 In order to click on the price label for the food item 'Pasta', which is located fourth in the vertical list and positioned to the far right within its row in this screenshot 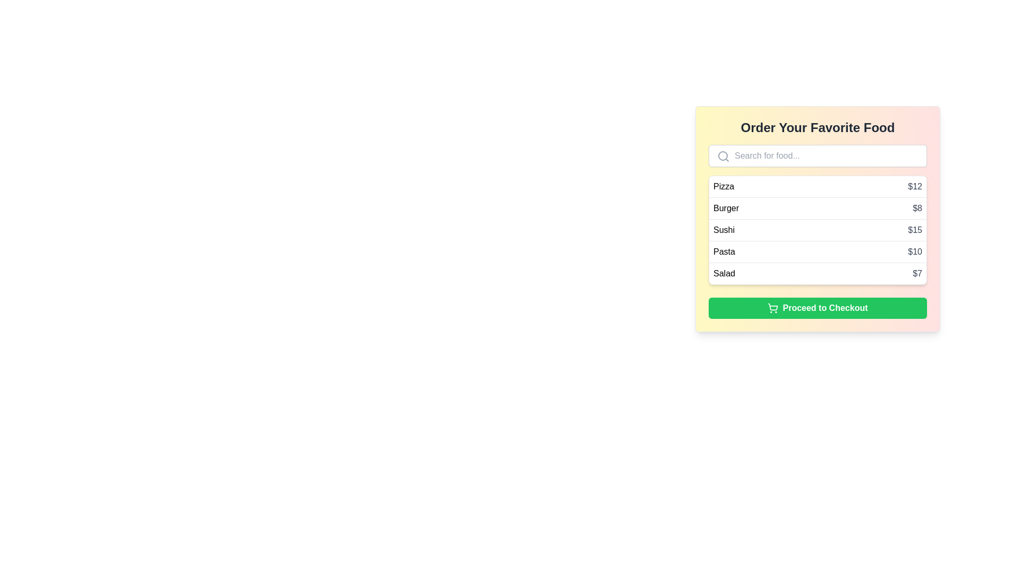, I will do `click(914, 251)`.